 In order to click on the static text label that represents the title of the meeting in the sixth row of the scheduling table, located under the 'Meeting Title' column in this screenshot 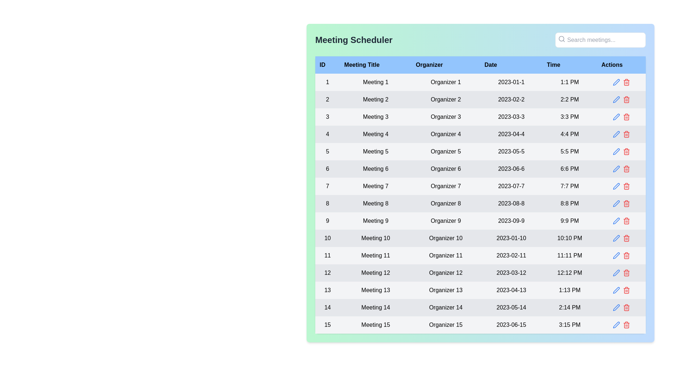, I will do `click(375, 169)`.